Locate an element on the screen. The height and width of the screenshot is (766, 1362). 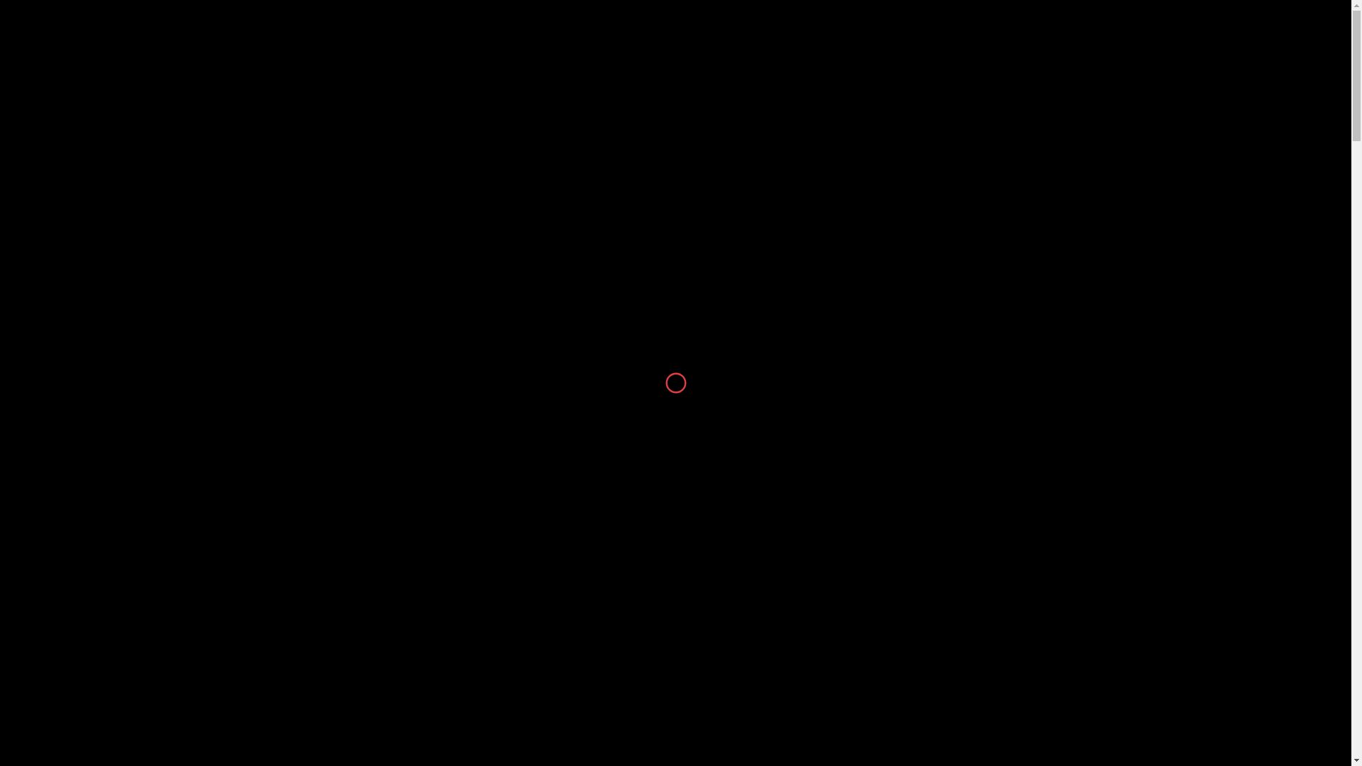
'STORE LOCATION' is located at coordinates (807, 48).